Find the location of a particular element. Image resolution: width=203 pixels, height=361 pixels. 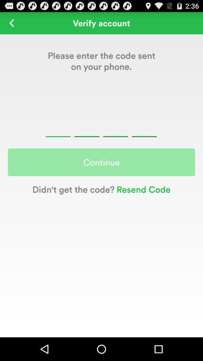

previous screen is located at coordinates (11, 23).